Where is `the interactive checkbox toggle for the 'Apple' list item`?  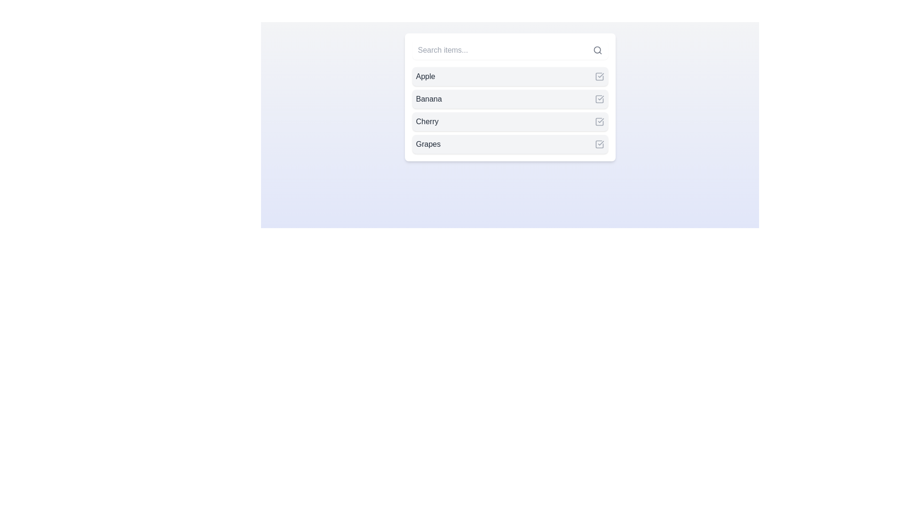
the interactive checkbox toggle for the 'Apple' list item is located at coordinates (599, 76).